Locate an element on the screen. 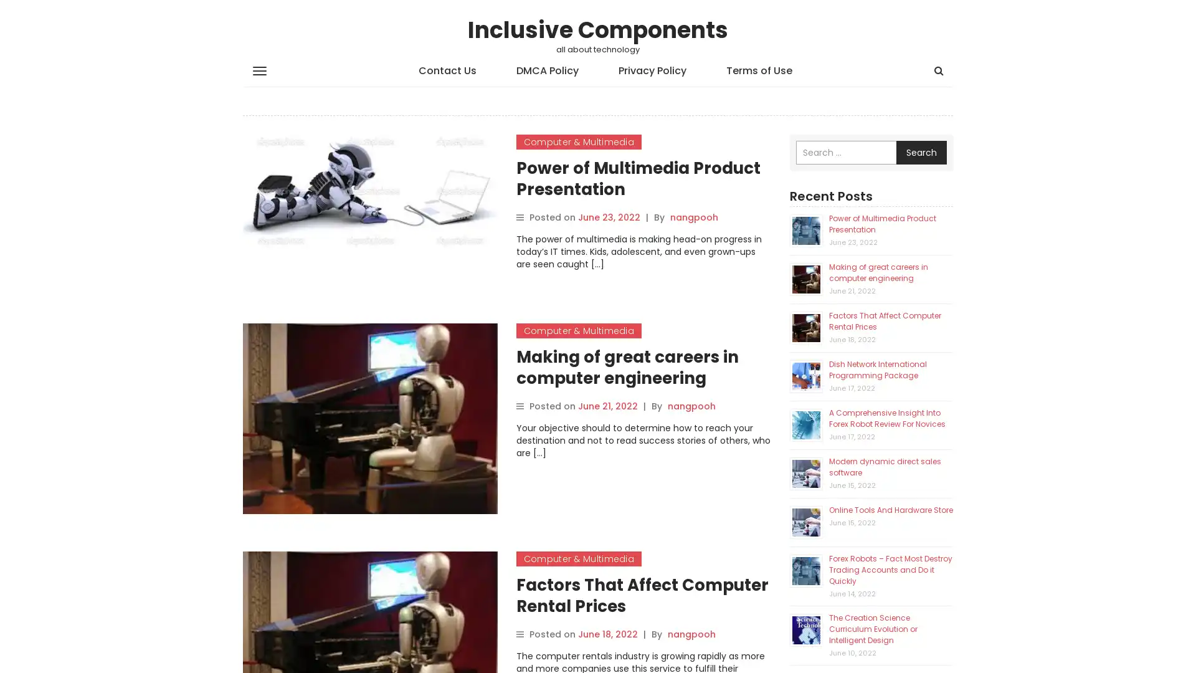 The height and width of the screenshot is (673, 1196). Search is located at coordinates (921, 152).